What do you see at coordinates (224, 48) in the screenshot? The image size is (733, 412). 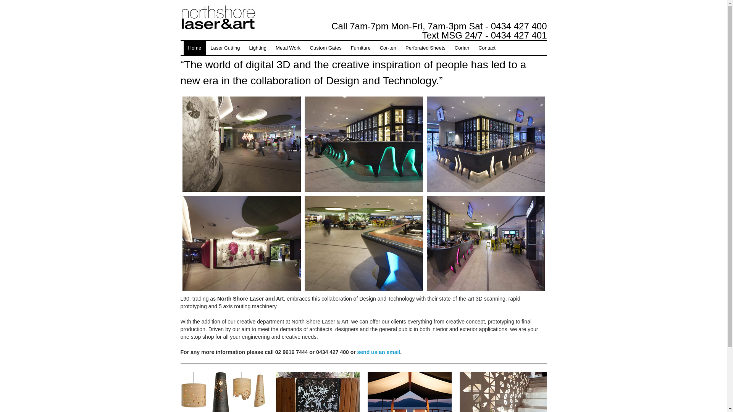 I see `'Laser Cutting'` at bounding box center [224, 48].